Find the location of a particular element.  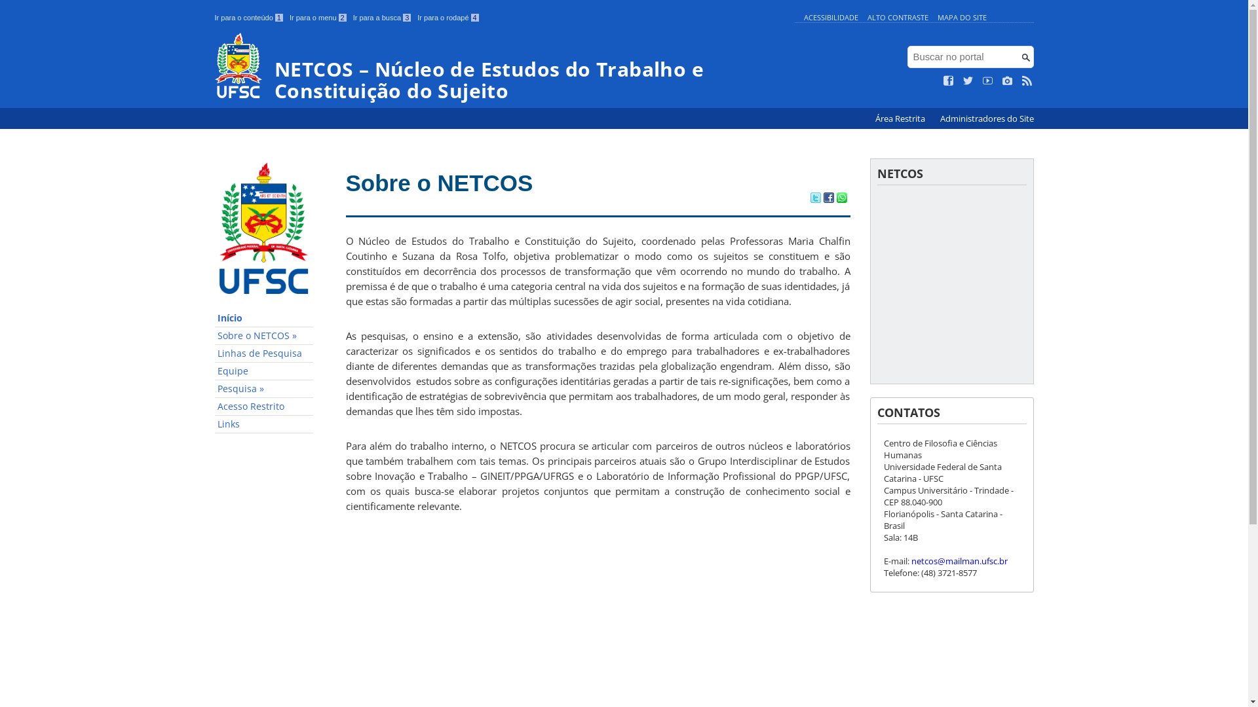

'Compartilhar no Facebook' is located at coordinates (827, 199).